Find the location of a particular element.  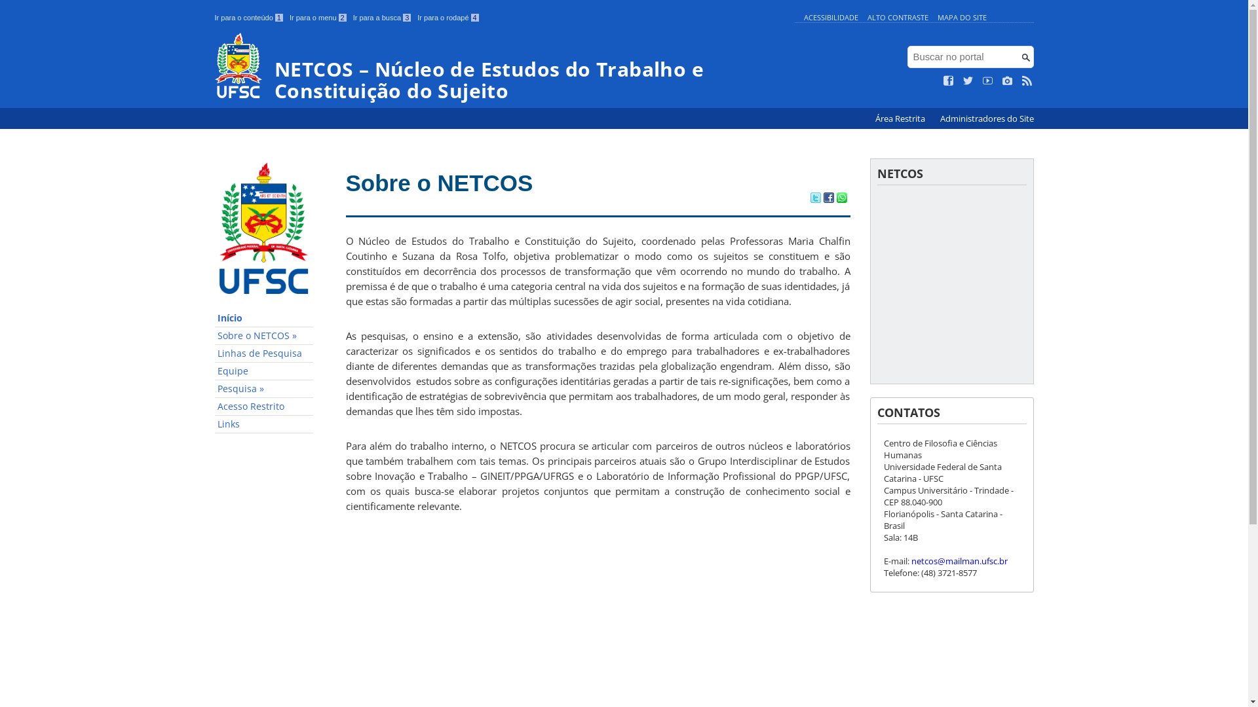

'Compartilhar no Facebook' is located at coordinates (827, 199).